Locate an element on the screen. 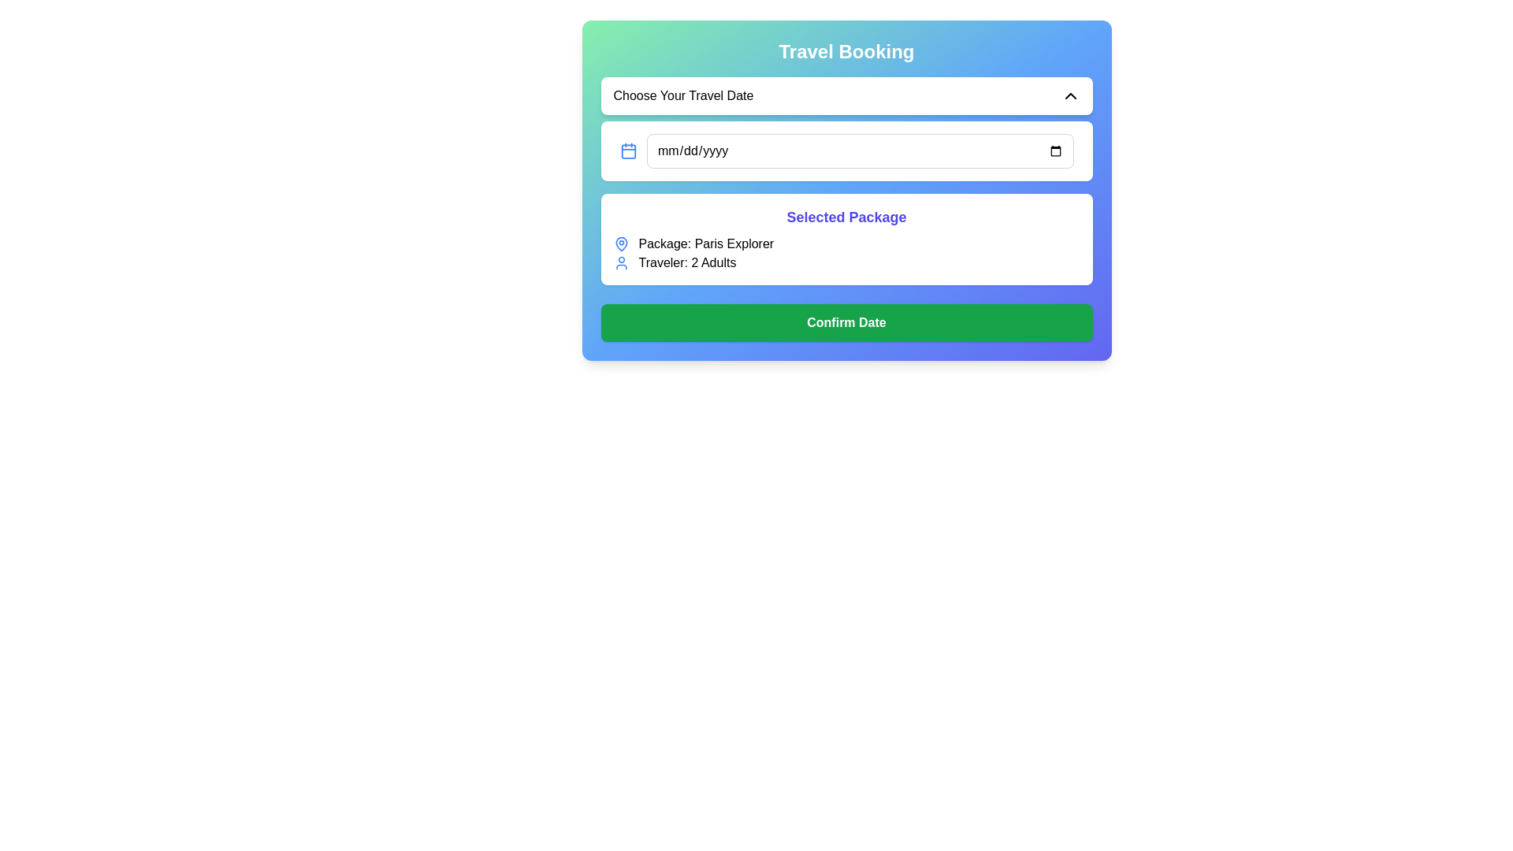 This screenshot has height=851, width=1513. the blue heart-shaped SVG icon located next to the text 'Package: Paris Explorer' in the 'Selected Package' section of the travel booking interface is located at coordinates (620, 243).